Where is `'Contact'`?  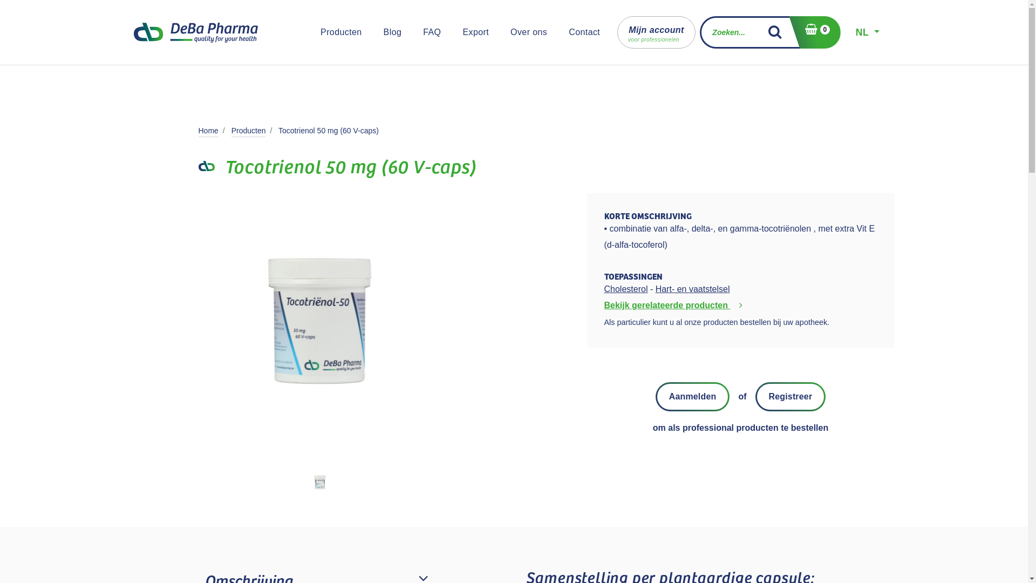
'Contact' is located at coordinates (584, 32).